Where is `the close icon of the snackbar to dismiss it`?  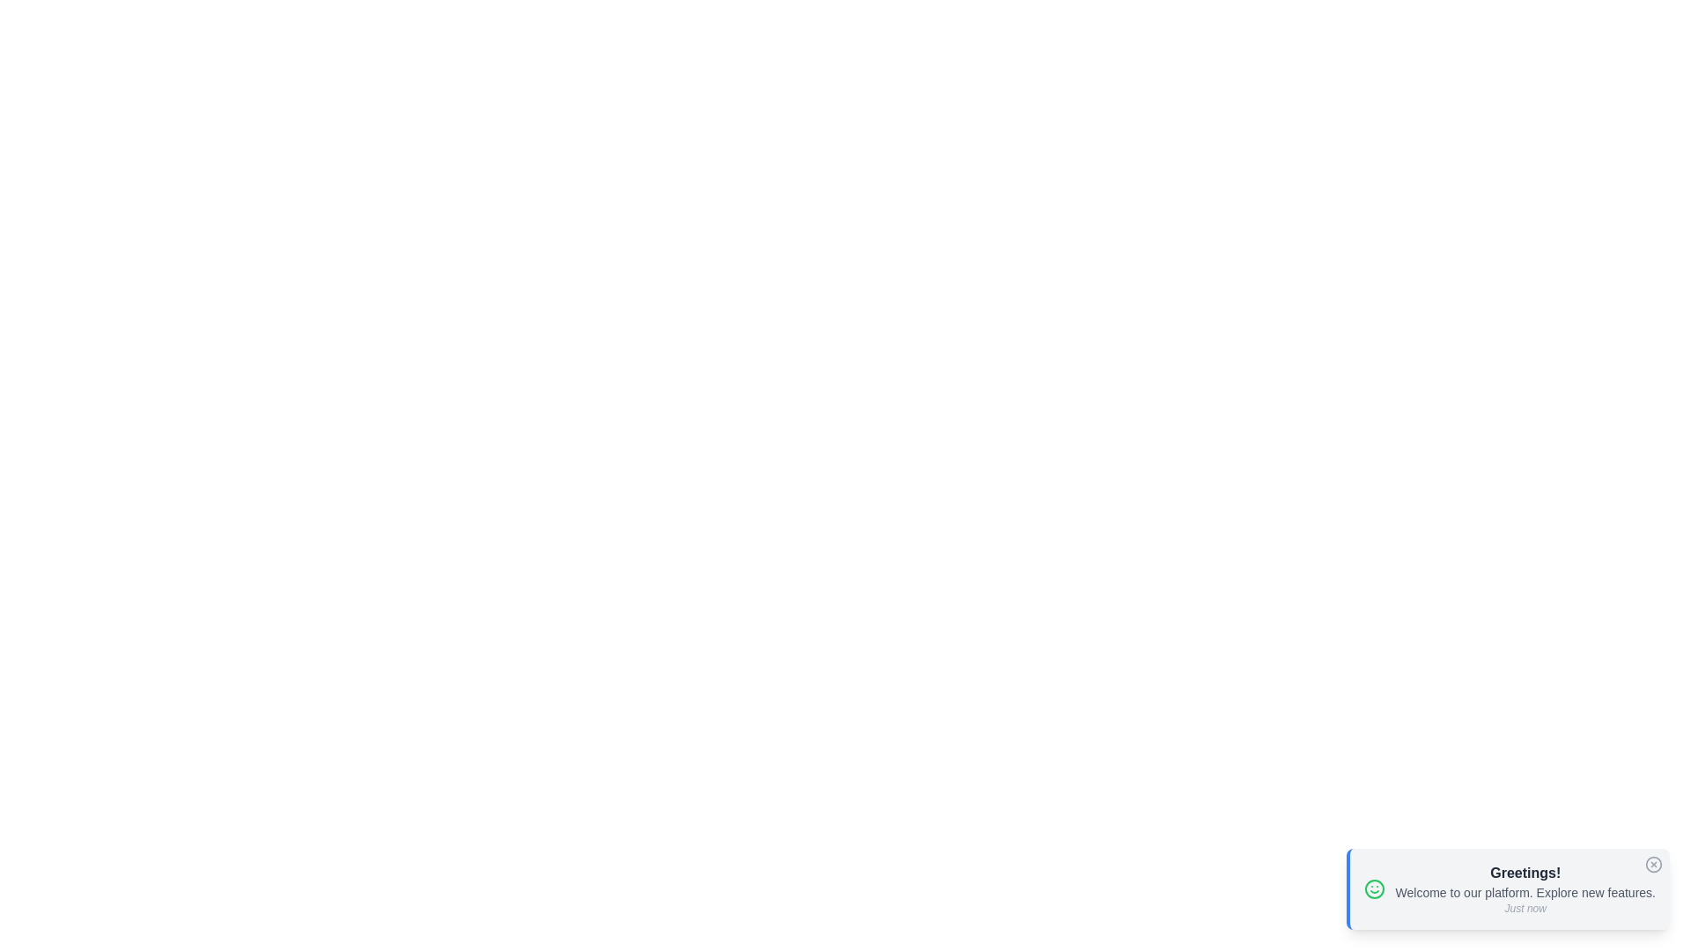
the close icon of the snackbar to dismiss it is located at coordinates (1652, 864).